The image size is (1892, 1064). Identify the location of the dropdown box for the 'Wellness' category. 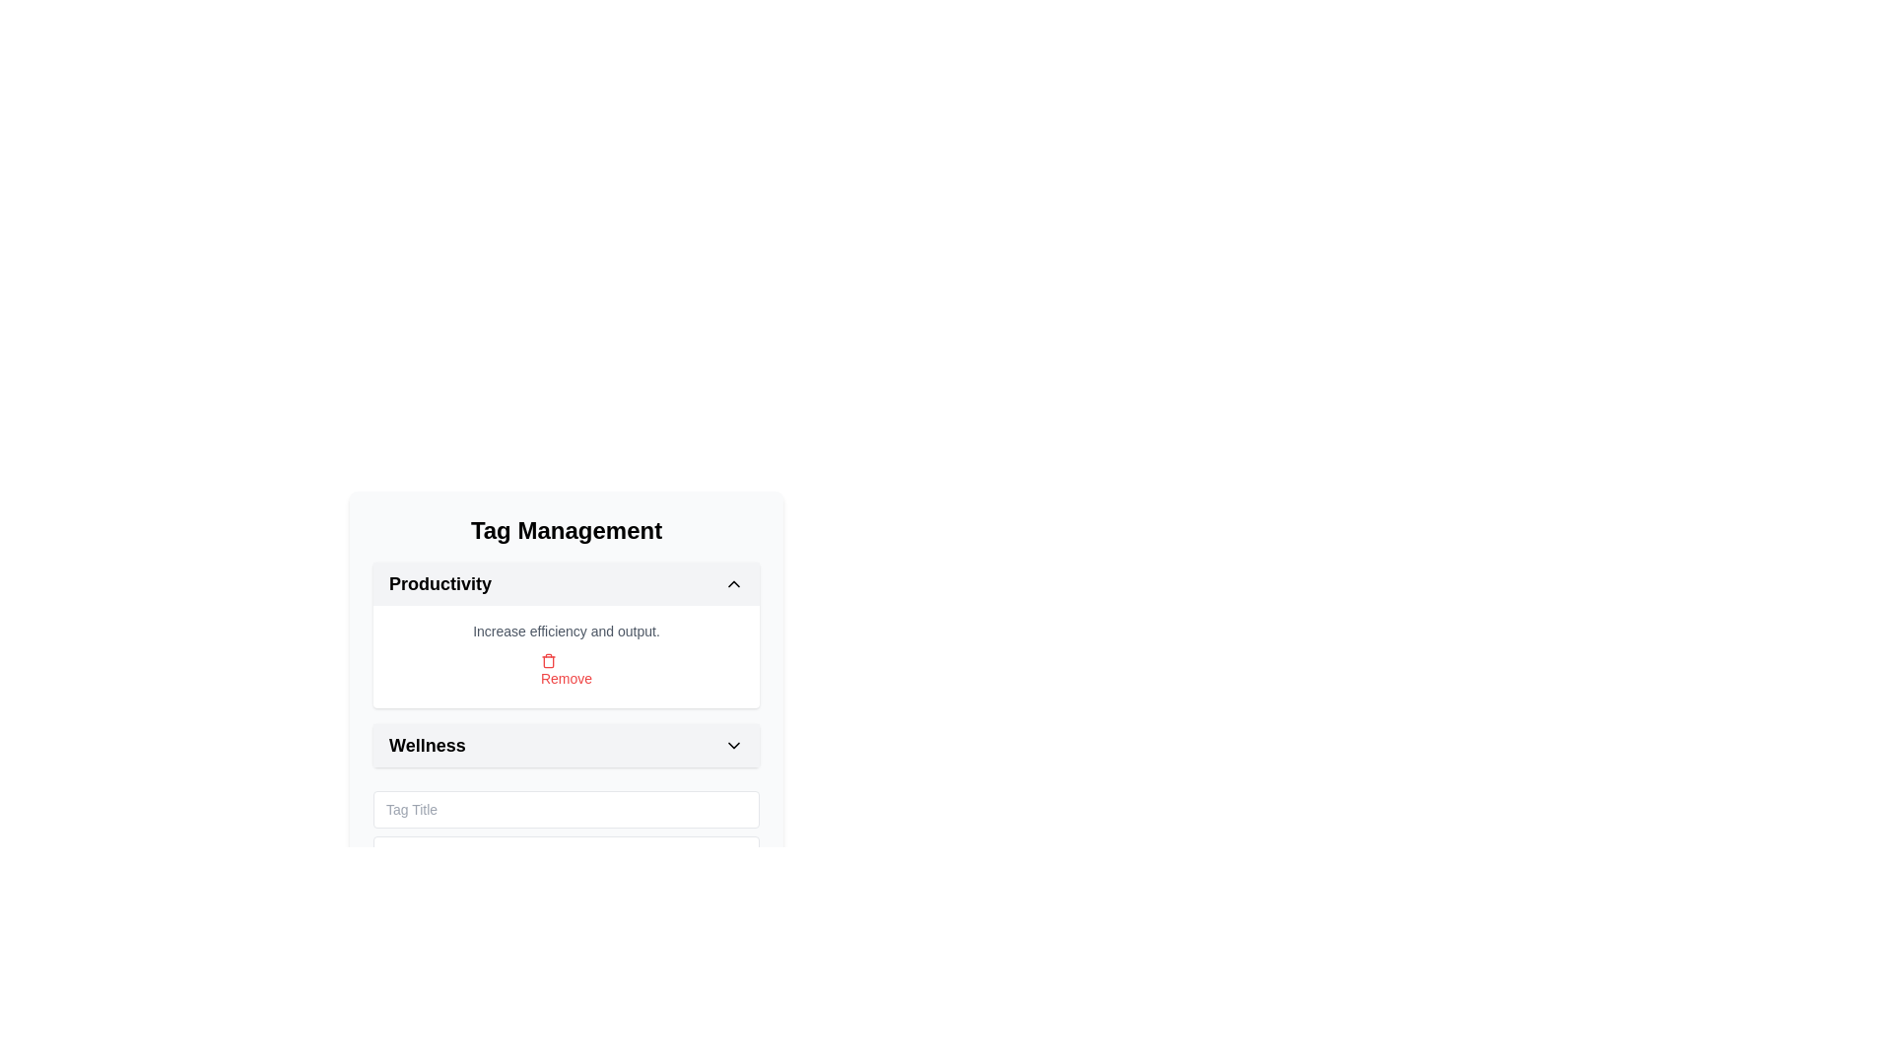
(566, 745).